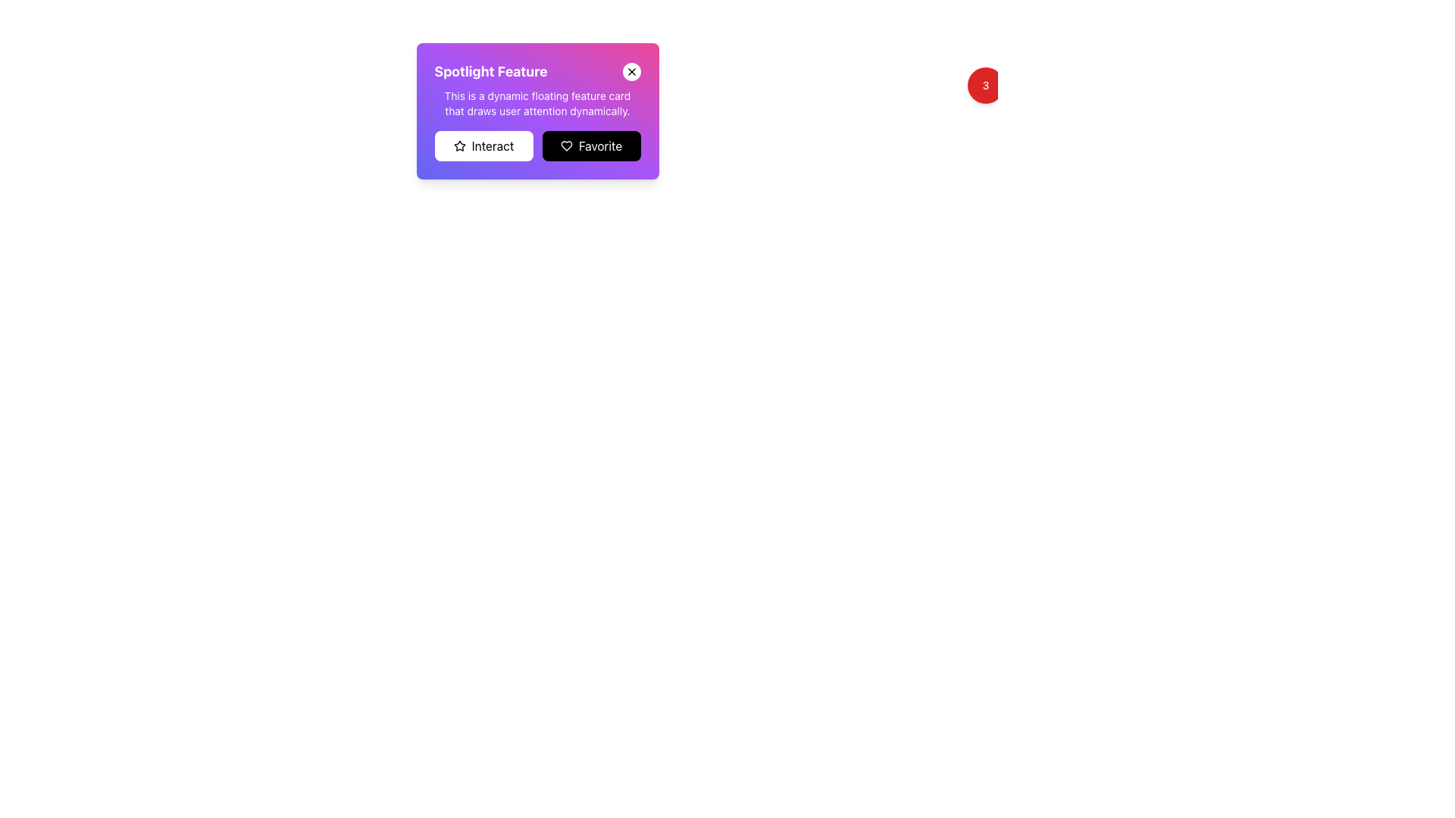 This screenshot has width=1455, height=818. What do you see at coordinates (537, 103) in the screenshot?
I see `the descriptive text element located within the gradient card, positioned below the title 'Spotlight Feature' and above the 'Interact' and 'Favorite' buttons` at bounding box center [537, 103].